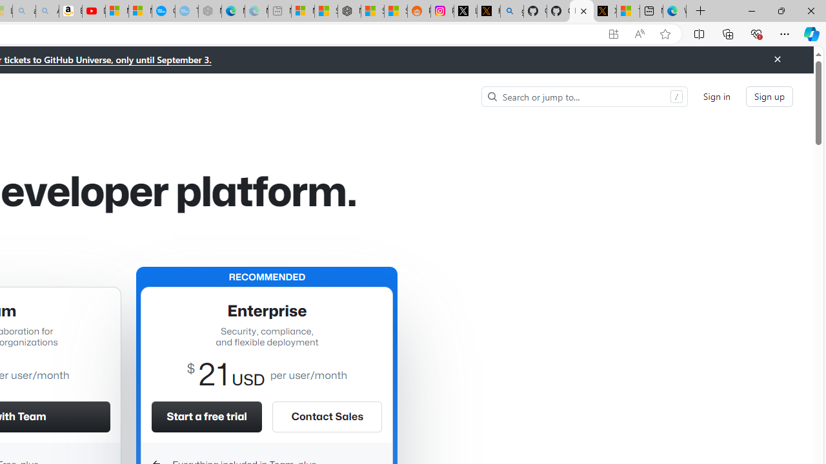  Describe the element at coordinates (302, 11) in the screenshot. I see `'Microsoft account | Microsoft Account Privacy Settings'` at that location.